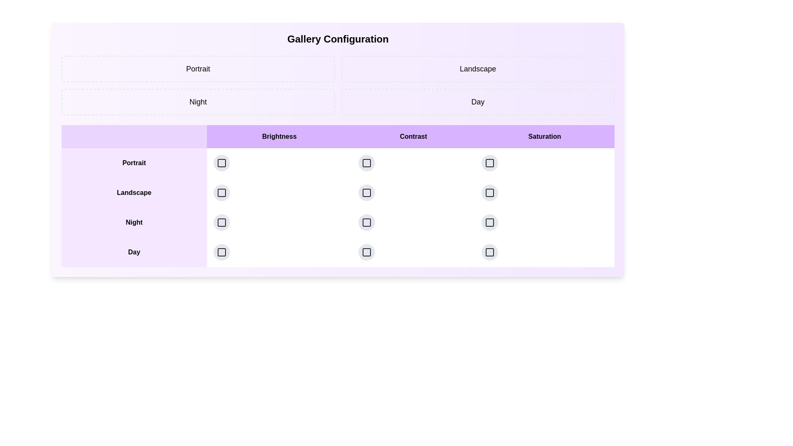  Describe the element at coordinates (489, 222) in the screenshot. I see `the toggle button for 'Night' settings` at that location.